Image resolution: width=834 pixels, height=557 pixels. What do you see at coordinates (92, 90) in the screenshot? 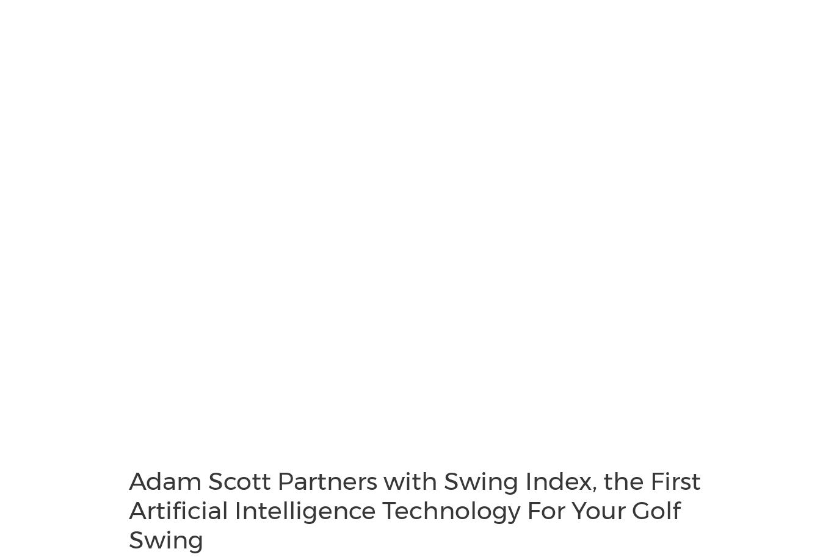
I see `'Cision Communications Cloud®'` at bounding box center [92, 90].